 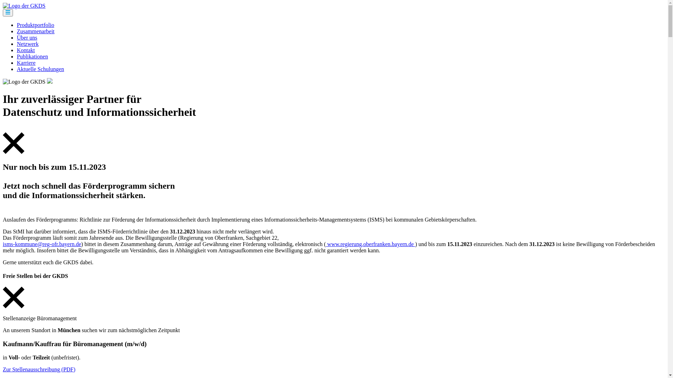 I want to click on 'Netzwerk', so click(x=27, y=44).